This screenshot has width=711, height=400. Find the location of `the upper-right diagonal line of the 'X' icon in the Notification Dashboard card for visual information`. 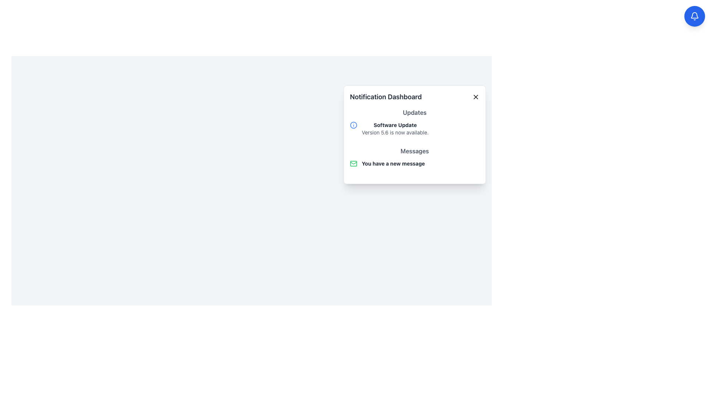

the upper-right diagonal line of the 'X' icon in the Notification Dashboard card for visual information is located at coordinates (476, 97).